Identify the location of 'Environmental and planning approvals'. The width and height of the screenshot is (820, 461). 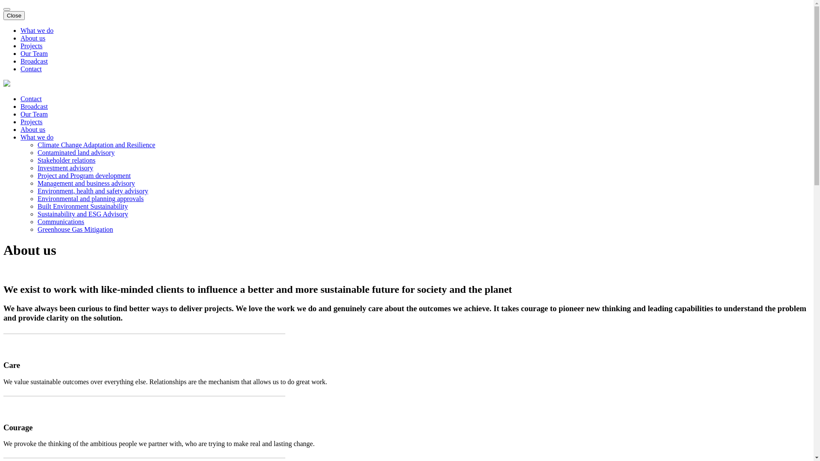
(90, 198).